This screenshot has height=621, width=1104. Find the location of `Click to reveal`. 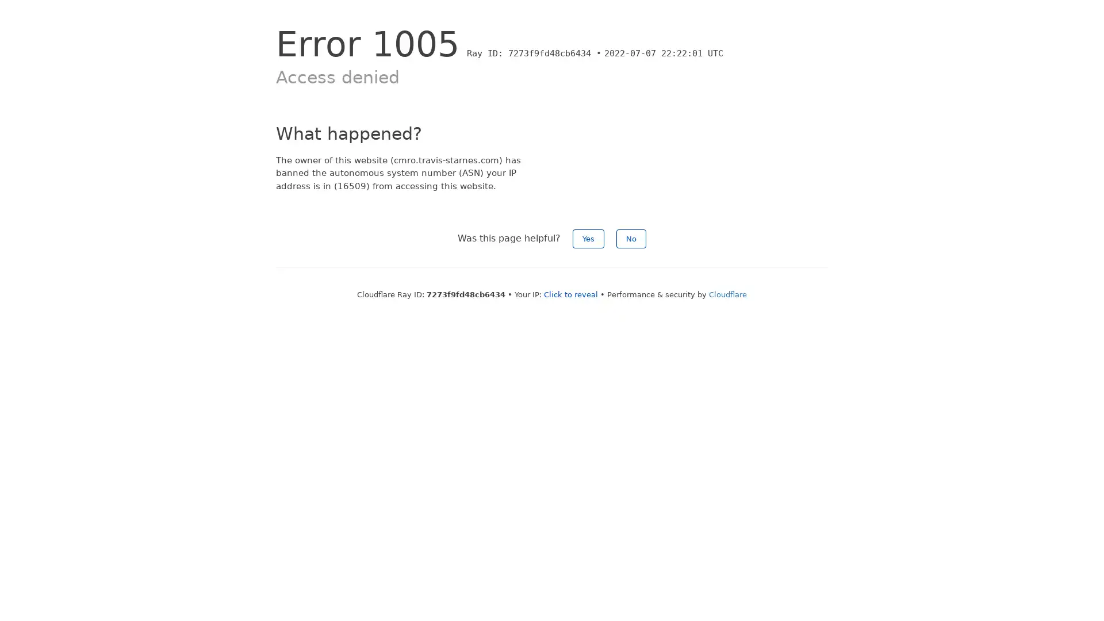

Click to reveal is located at coordinates (571, 294).